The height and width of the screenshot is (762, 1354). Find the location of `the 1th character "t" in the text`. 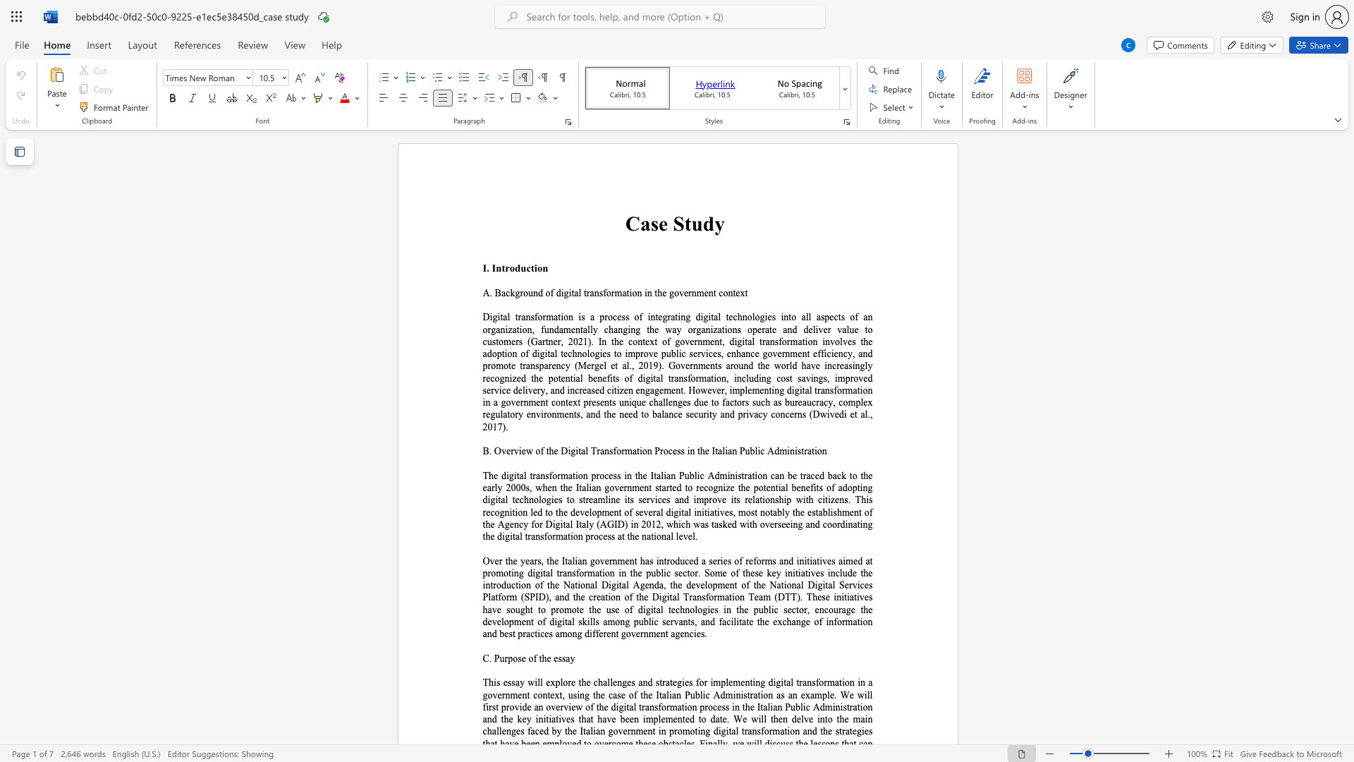

the 1th character "t" in the text is located at coordinates (539, 658).